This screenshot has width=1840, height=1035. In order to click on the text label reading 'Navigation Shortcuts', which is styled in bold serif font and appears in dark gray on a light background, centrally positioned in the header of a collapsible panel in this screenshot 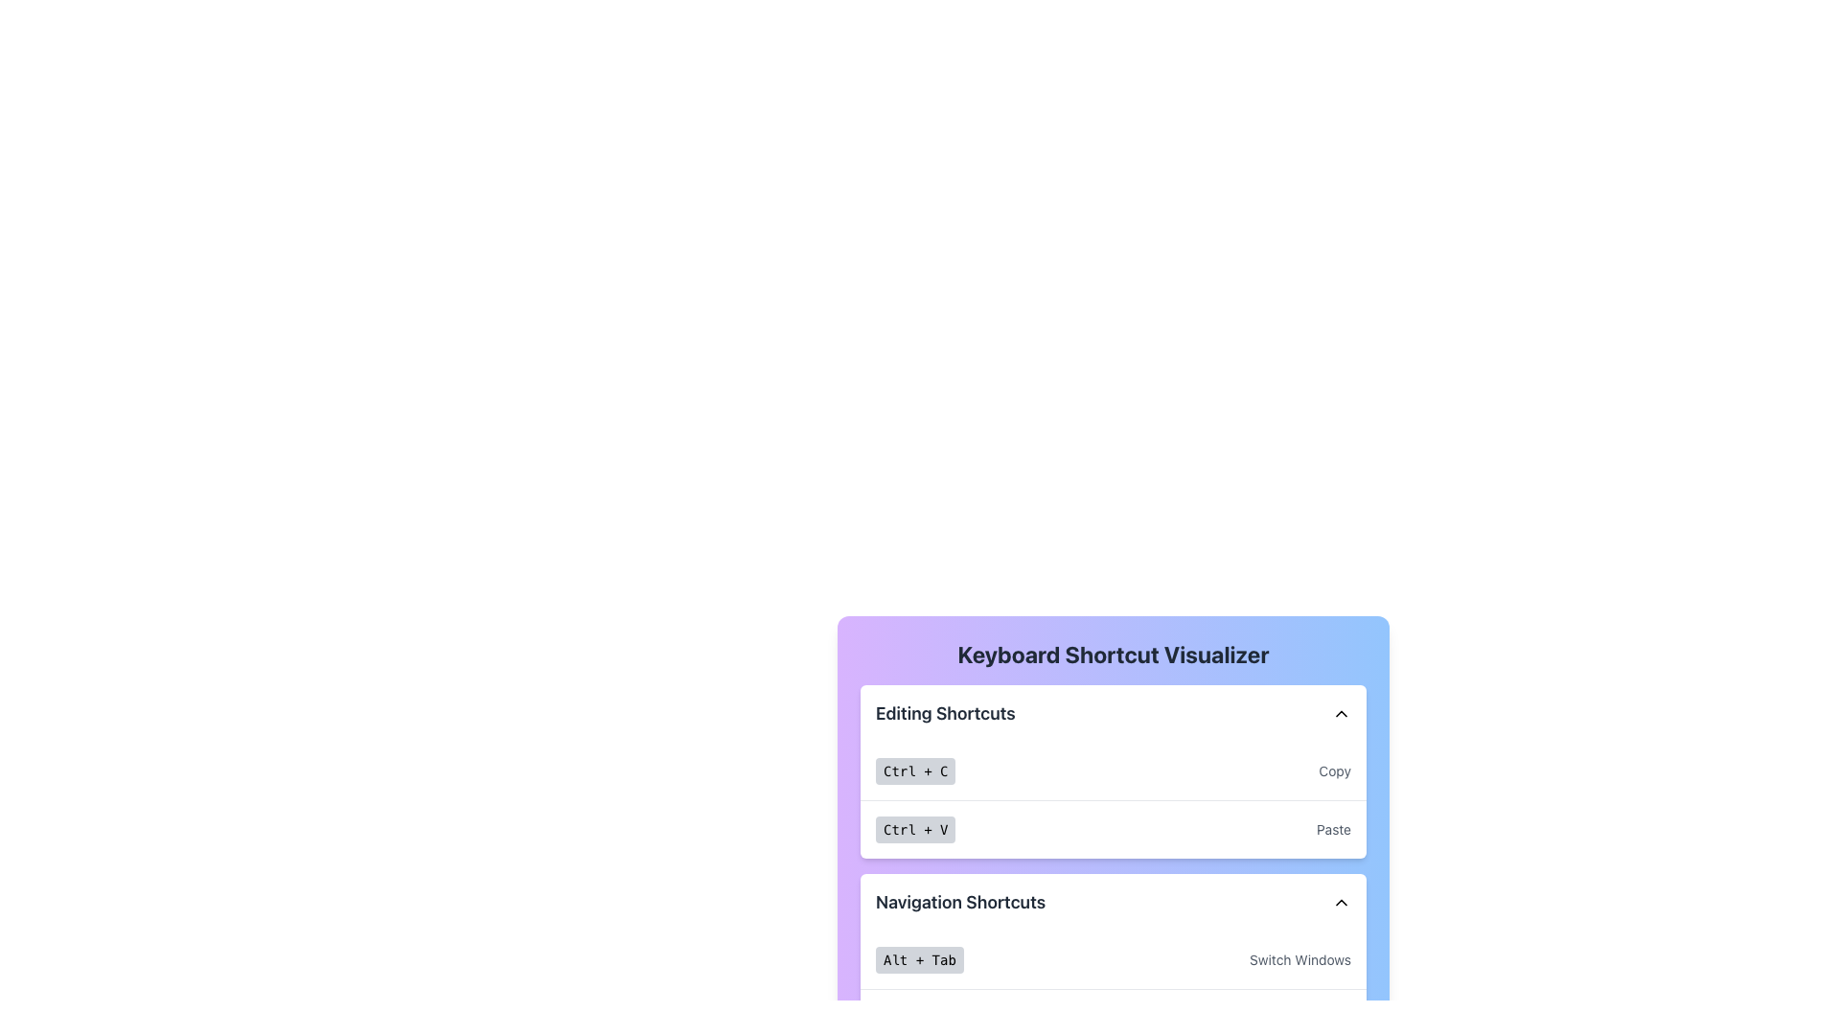, I will do `click(960, 902)`.